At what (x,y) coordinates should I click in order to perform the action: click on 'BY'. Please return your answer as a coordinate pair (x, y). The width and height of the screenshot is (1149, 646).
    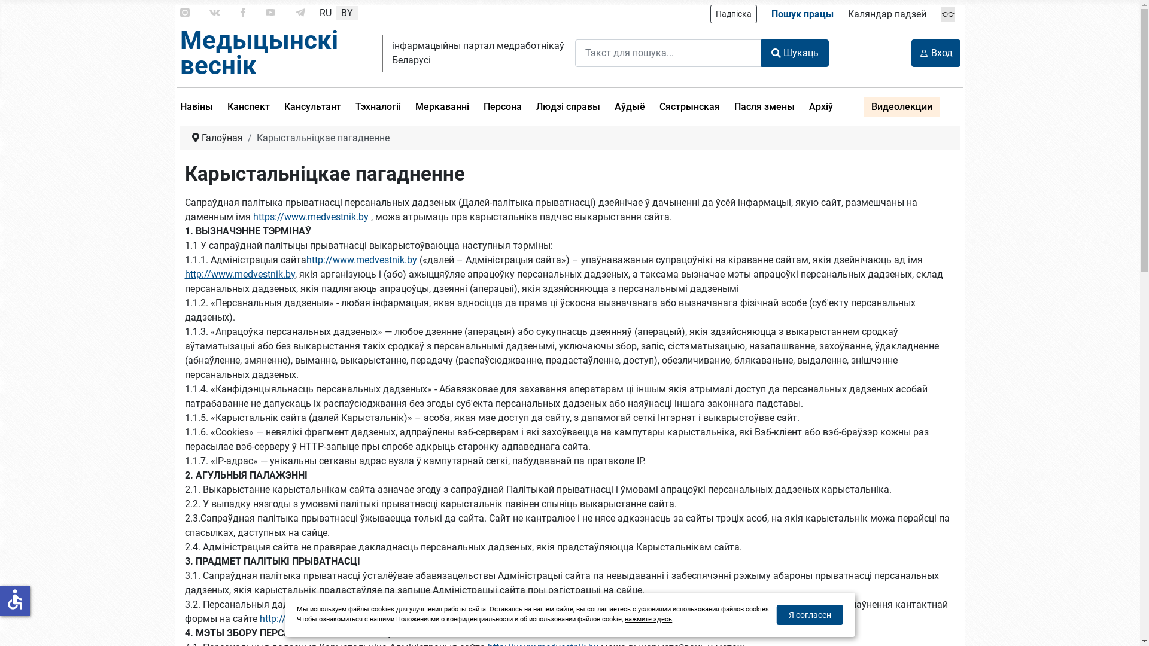
    Looking at the image, I should click on (335, 13).